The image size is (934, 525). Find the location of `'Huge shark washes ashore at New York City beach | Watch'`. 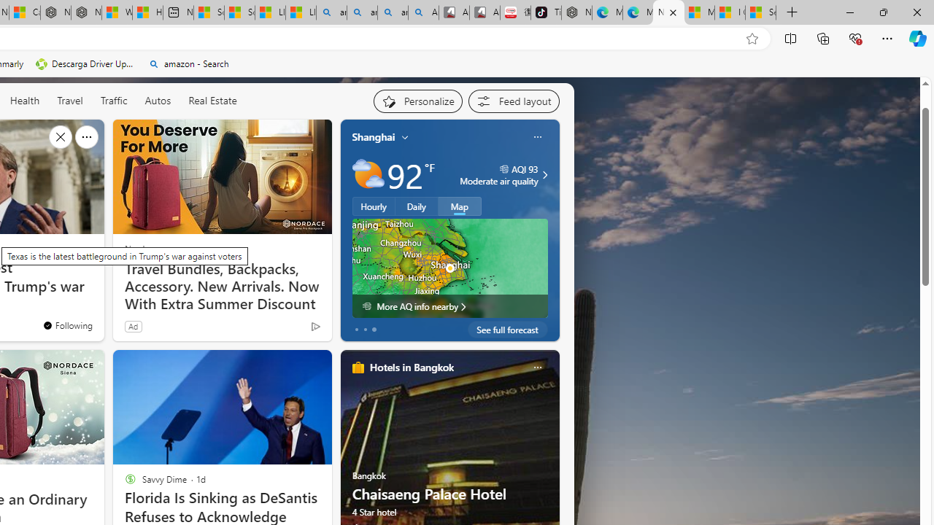

'Huge shark washes ashore at New York City beach | Watch' is located at coordinates (147, 12).